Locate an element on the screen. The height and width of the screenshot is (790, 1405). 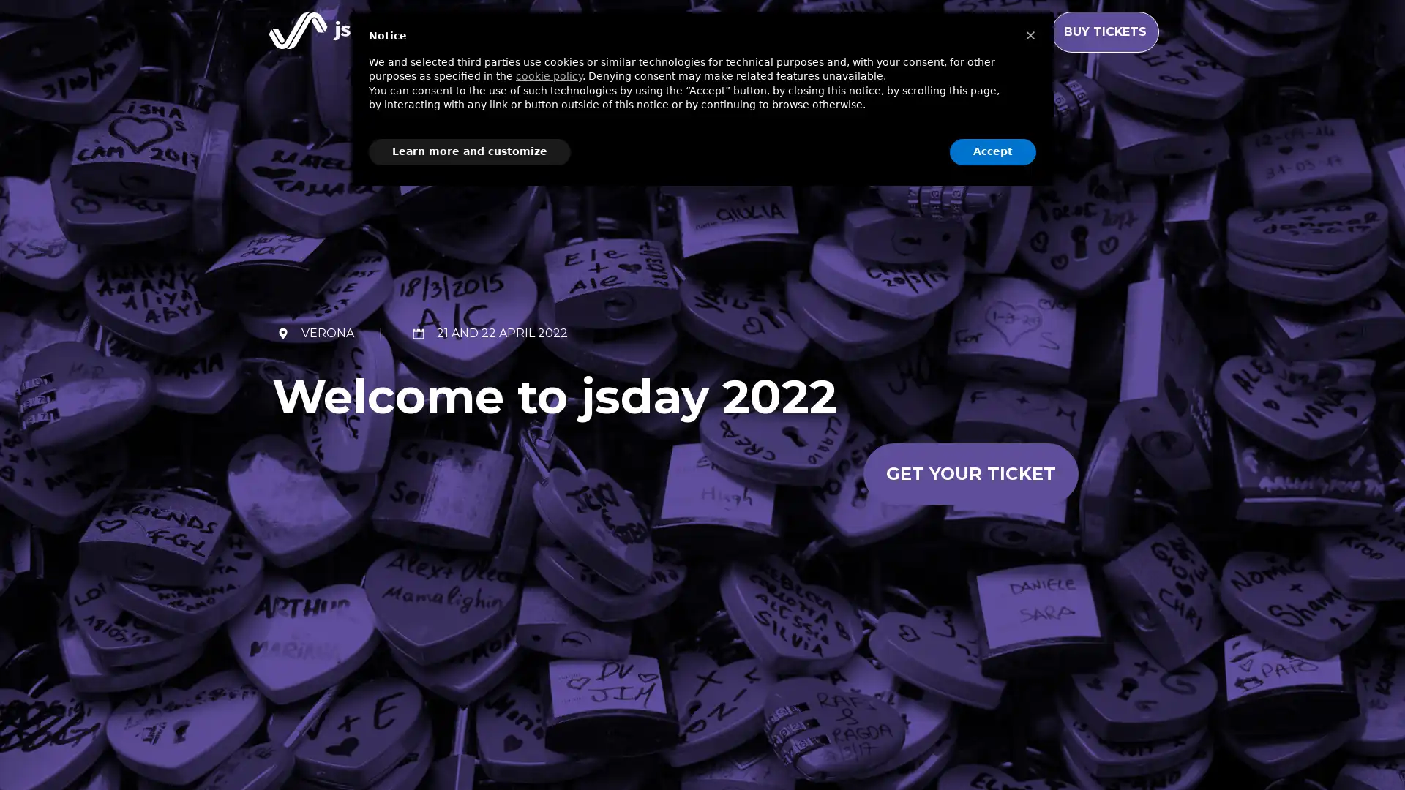
Learn more and customize is located at coordinates (470, 151).